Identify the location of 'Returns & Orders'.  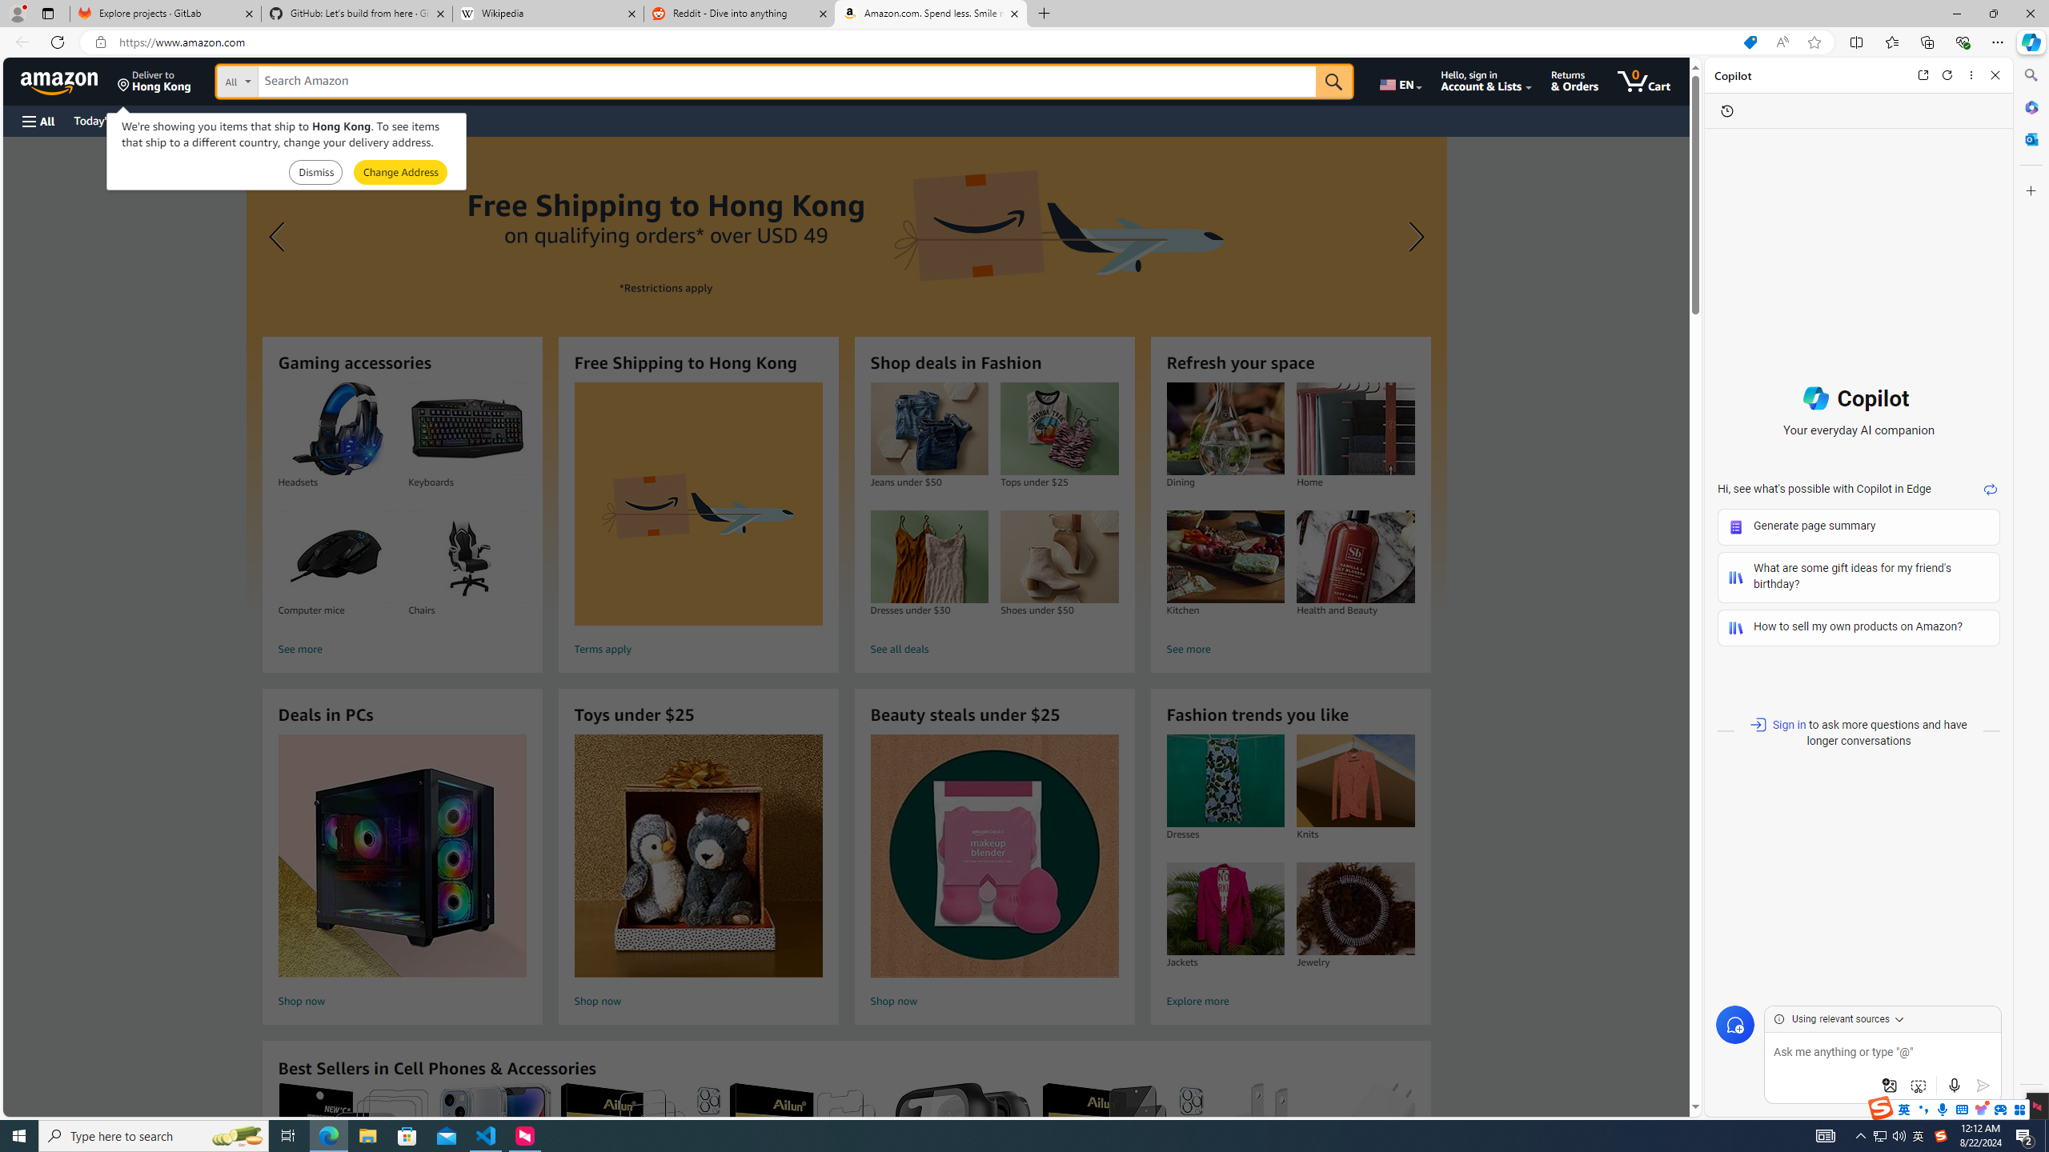
(1575, 80).